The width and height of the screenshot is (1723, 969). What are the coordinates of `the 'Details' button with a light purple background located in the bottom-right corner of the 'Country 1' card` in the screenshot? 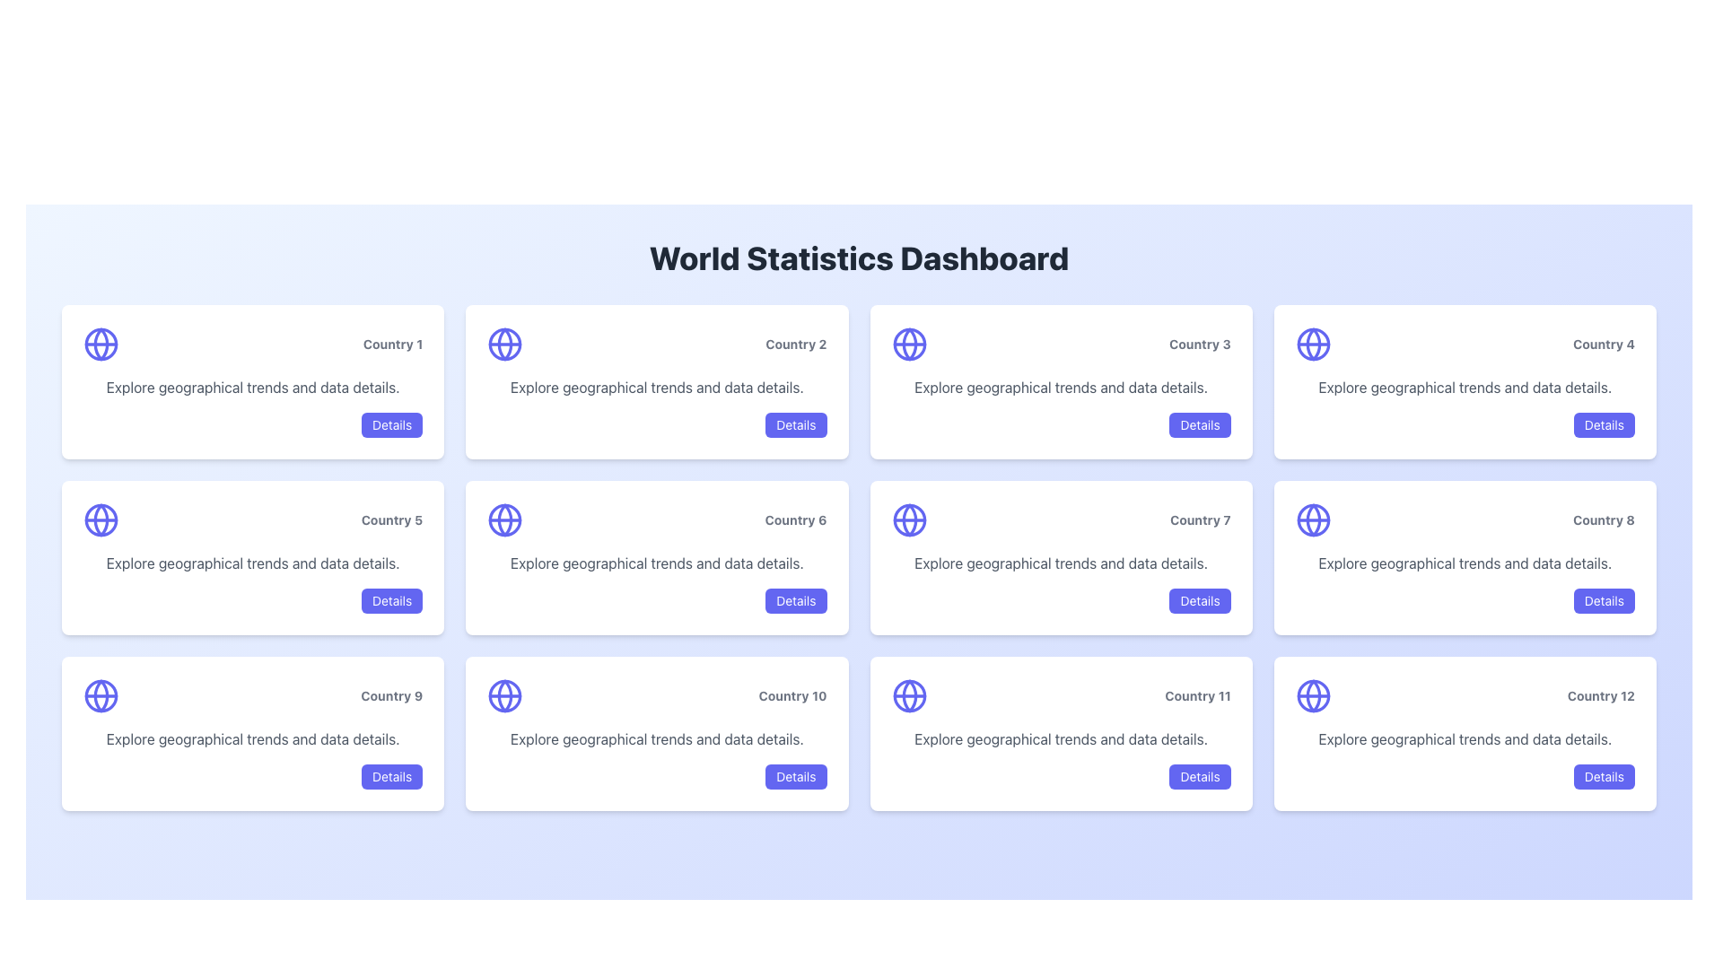 It's located at (391, 425).